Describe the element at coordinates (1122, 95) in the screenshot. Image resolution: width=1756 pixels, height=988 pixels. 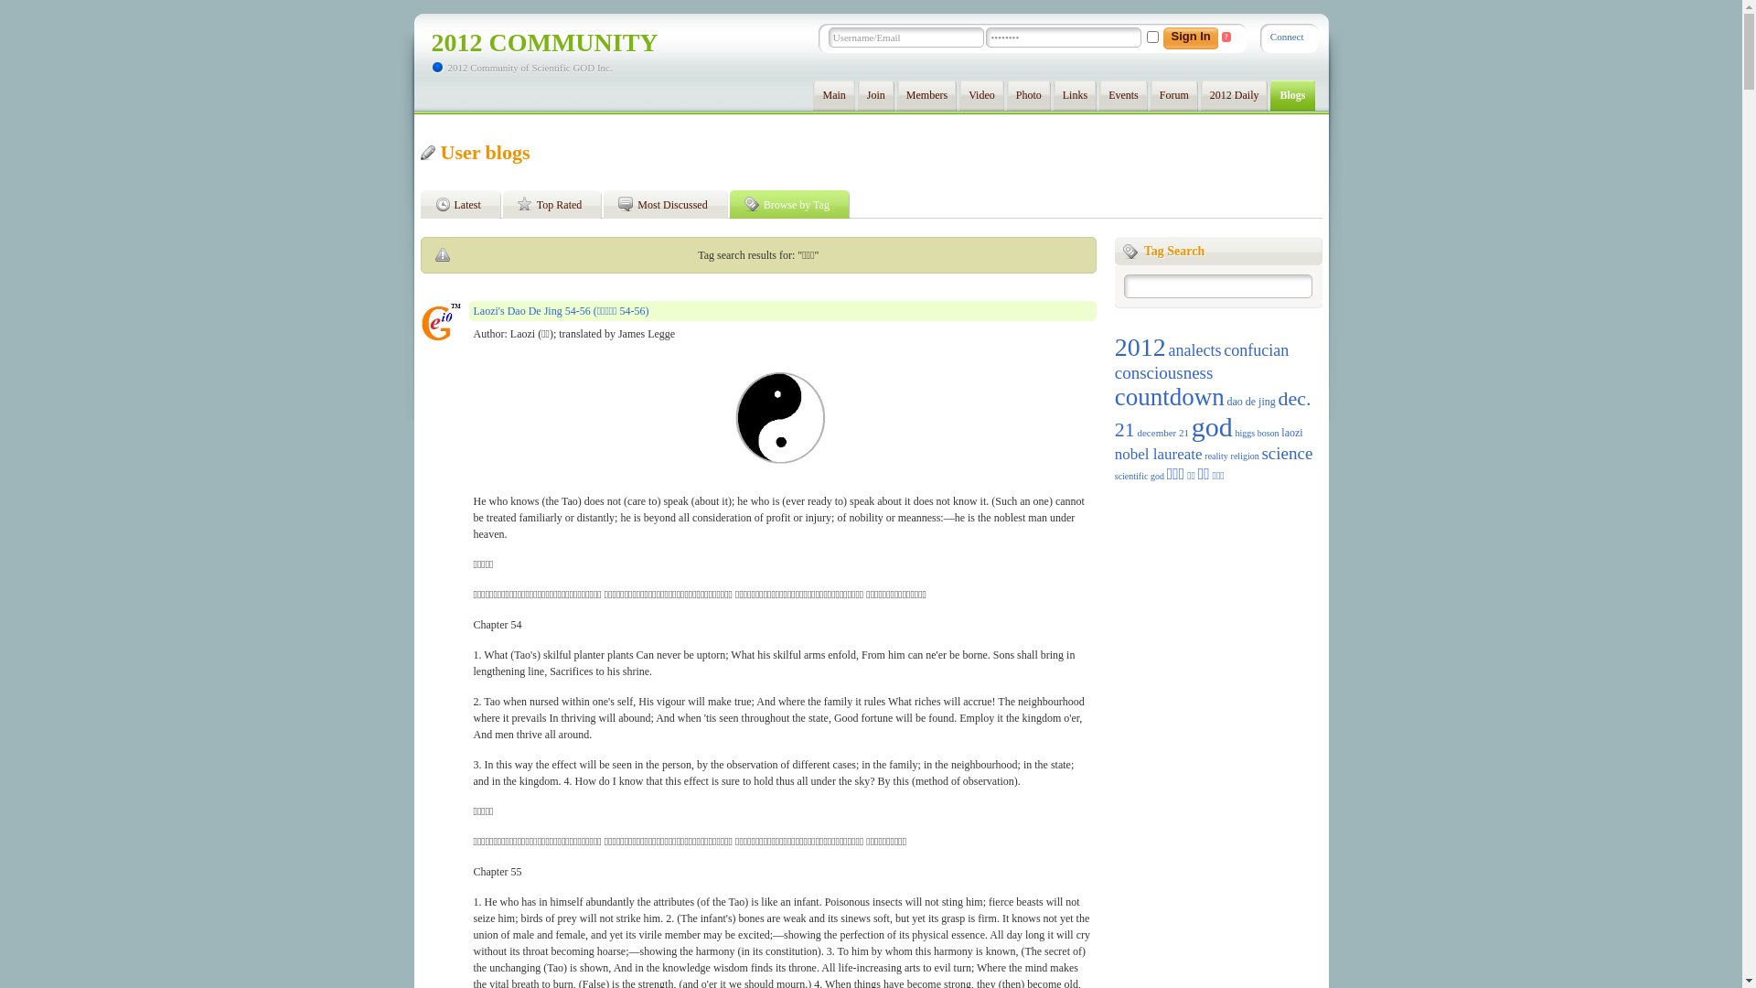
I see `'Events'` at that location.